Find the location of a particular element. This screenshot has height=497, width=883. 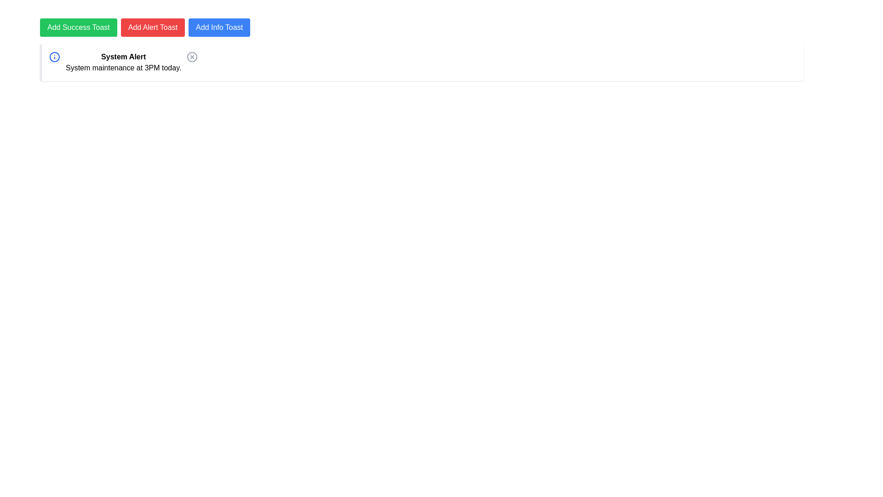

text of the Textual Display Component that contains the bold title 'System Alert' and the message 'System maintenance at 3PM today.' is located at coordinates (123, 62).